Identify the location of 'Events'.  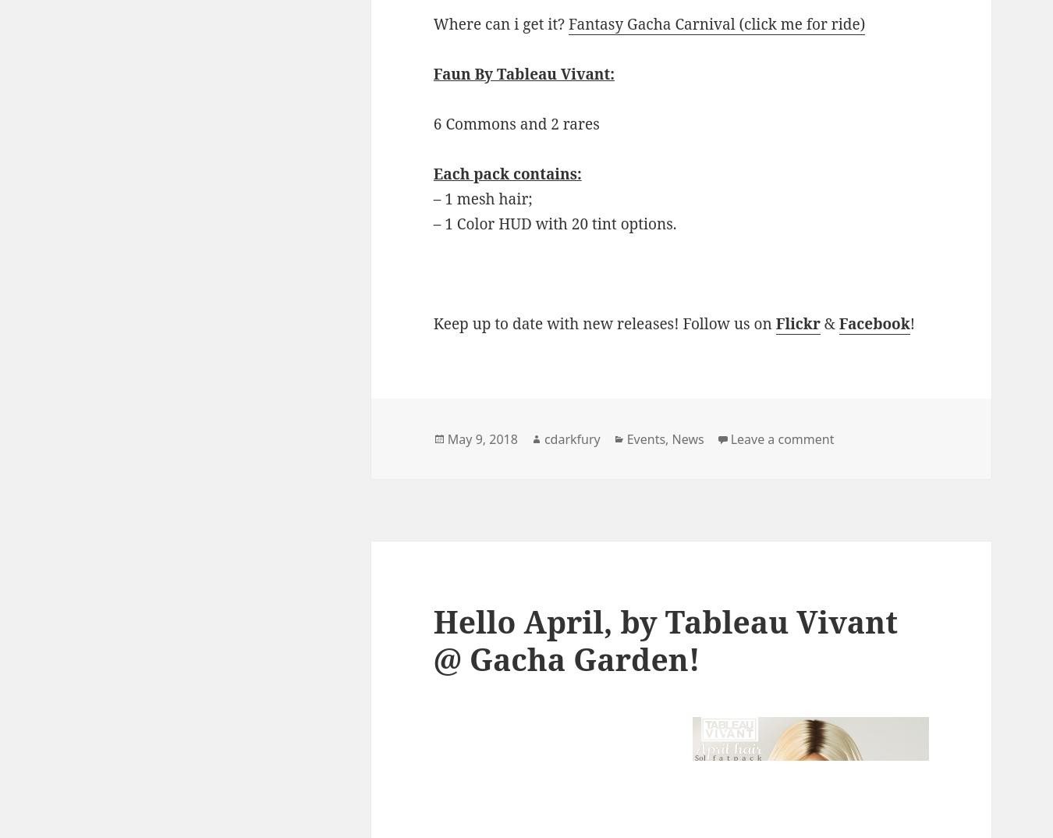
(645, 438).